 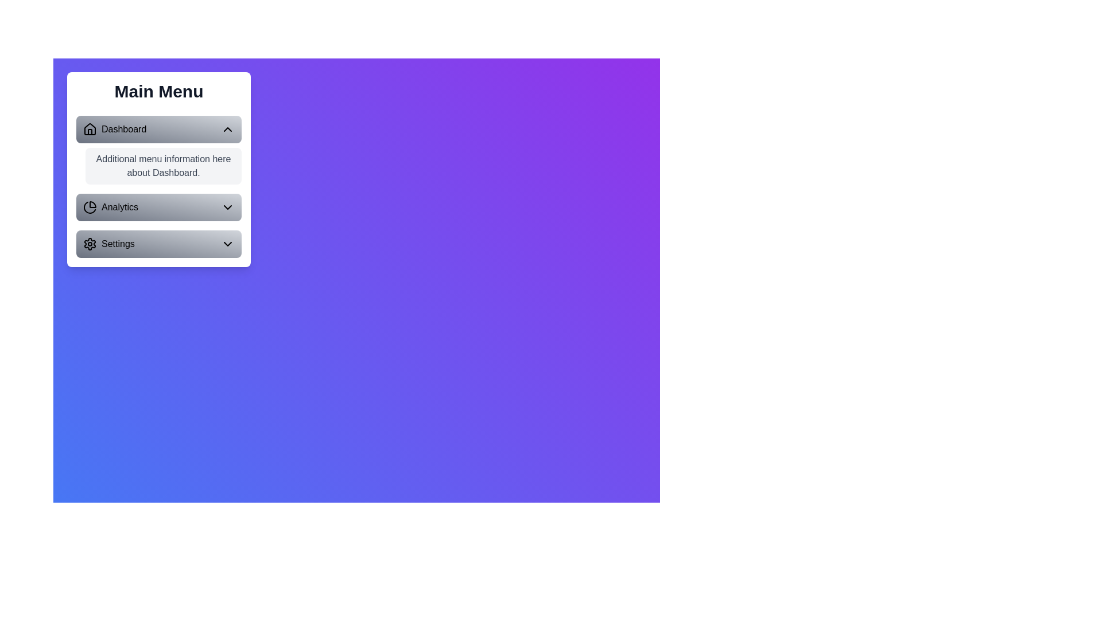 I want to click on the upward-pointing chevron arrow icon located at the top-right corner of the 'Dashboard' button, so click(x=228, y=129).